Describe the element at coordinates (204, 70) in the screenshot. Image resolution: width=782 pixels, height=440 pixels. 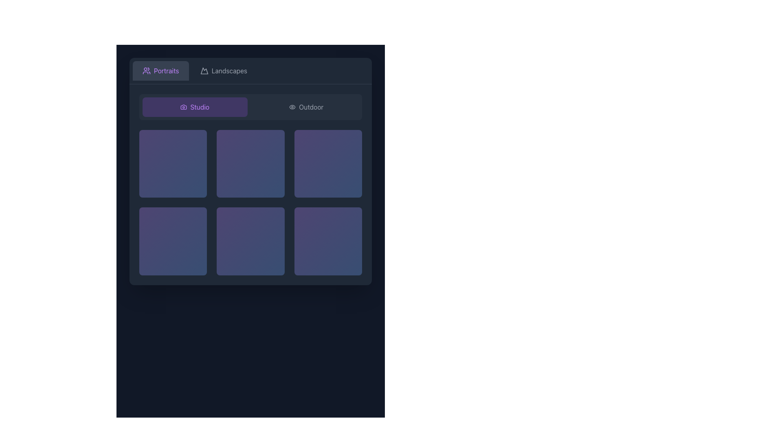
I see `the mountain icon in the 'Landscapes' tab of the horizontal navigation bar` at that location.